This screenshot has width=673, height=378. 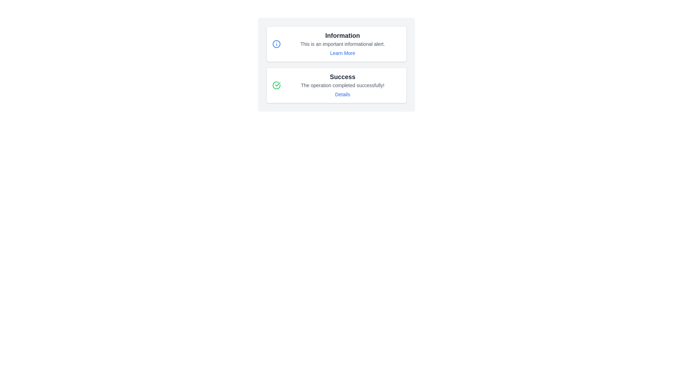 I want to click on the circular SVG icon that is part of the 'Information' label, located to the left of the text content and next to the 'Learn More' link, so click(x=276, y=44).